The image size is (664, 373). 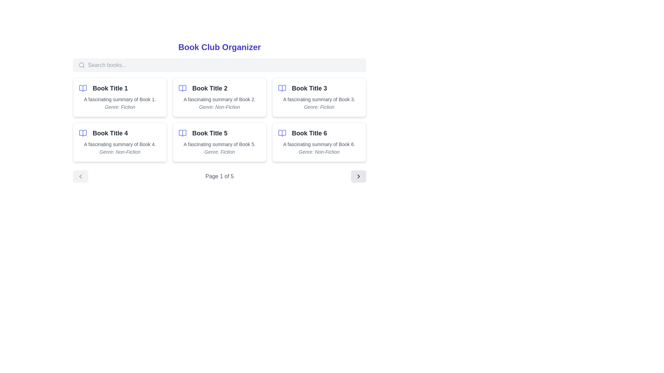 I want to click on the open book icon representing 'Book Title 5' located at the top-left corner of the fifth book card, so click(x=183, y=133).